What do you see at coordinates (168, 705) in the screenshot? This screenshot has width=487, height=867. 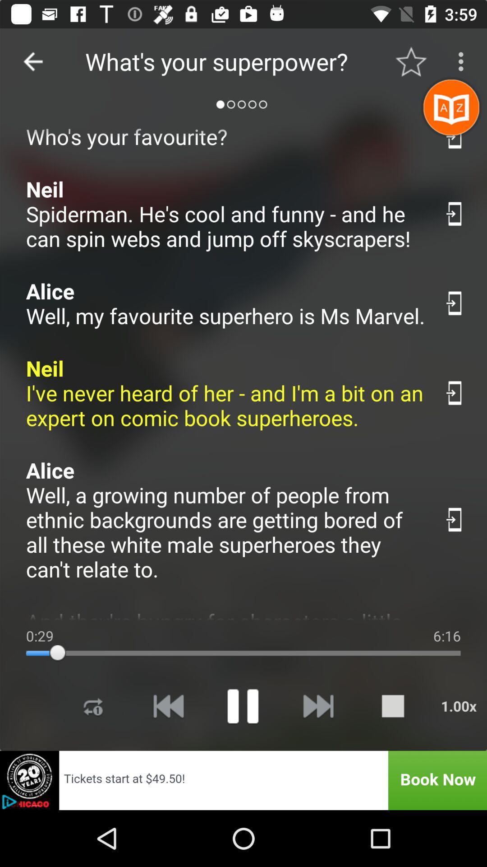 I see `the av_rewind icon` at bounding box center [168, 705].